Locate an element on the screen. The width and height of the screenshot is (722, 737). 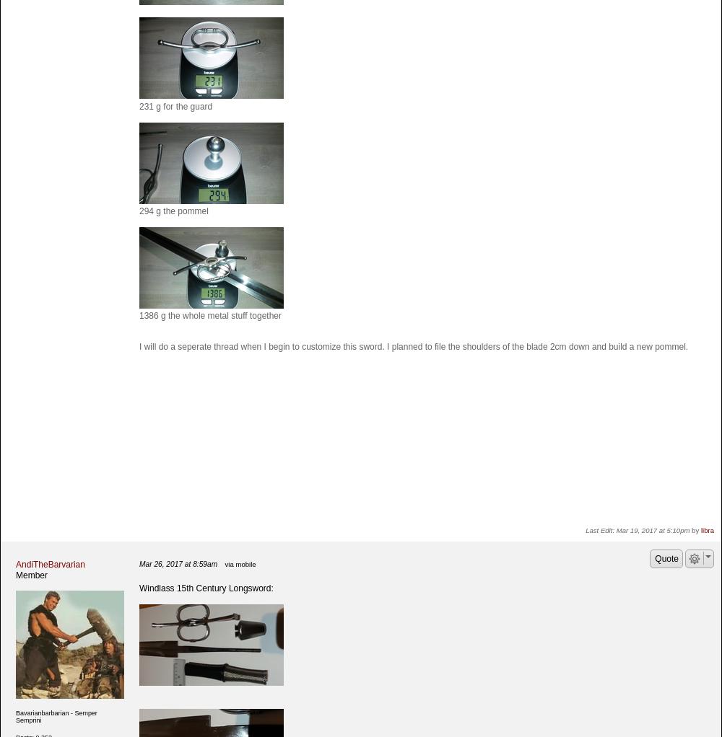
'1386 g the whole metal stuff together' is located at coordinates (210, 316).